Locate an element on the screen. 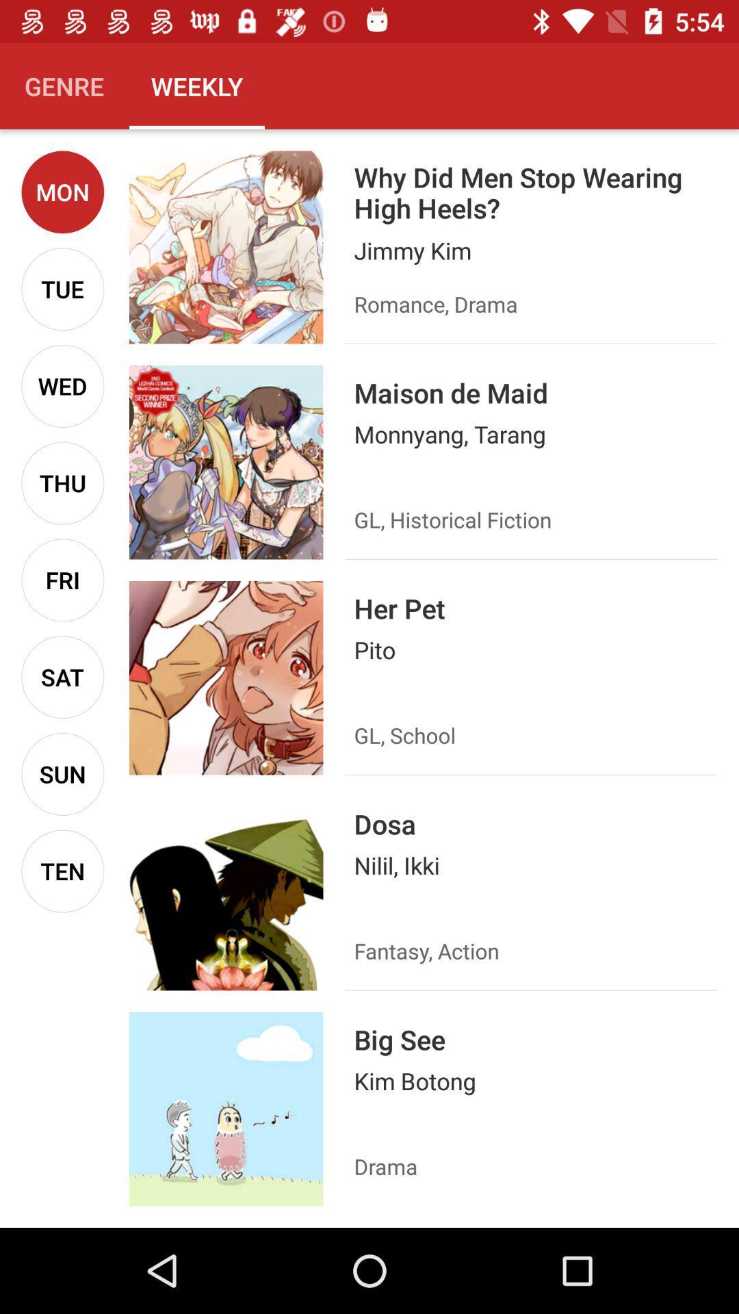  the thu is located at coordinates (62, 483).